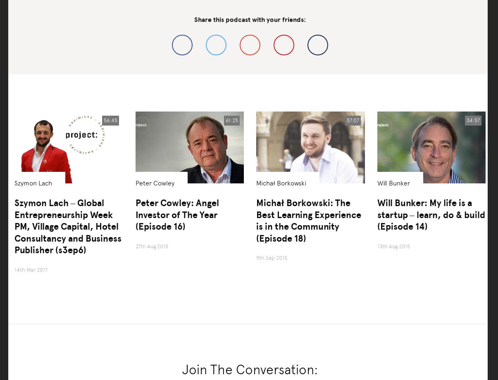 The height and width of the screenshot is (380, 498). What do you see at coordinates (31, 296) in the screenshot?
I see `'03:52'` at bounding box center [31, 296].